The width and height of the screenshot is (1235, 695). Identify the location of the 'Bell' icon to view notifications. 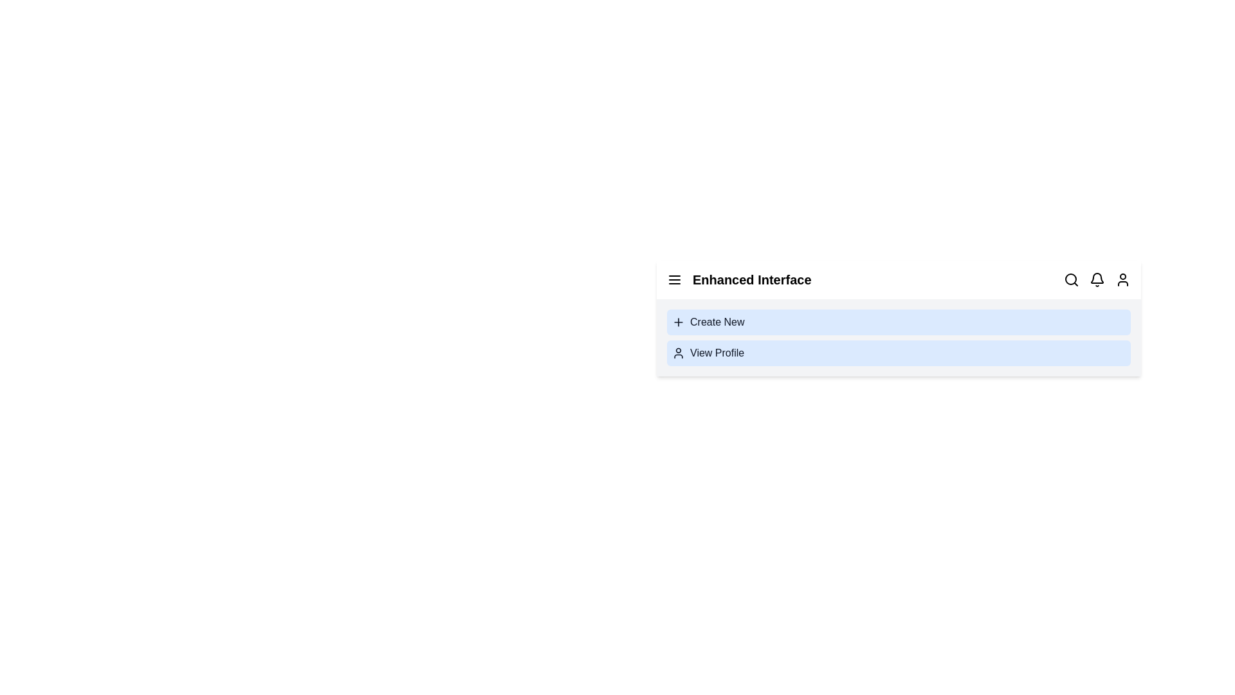
(1096, 279).